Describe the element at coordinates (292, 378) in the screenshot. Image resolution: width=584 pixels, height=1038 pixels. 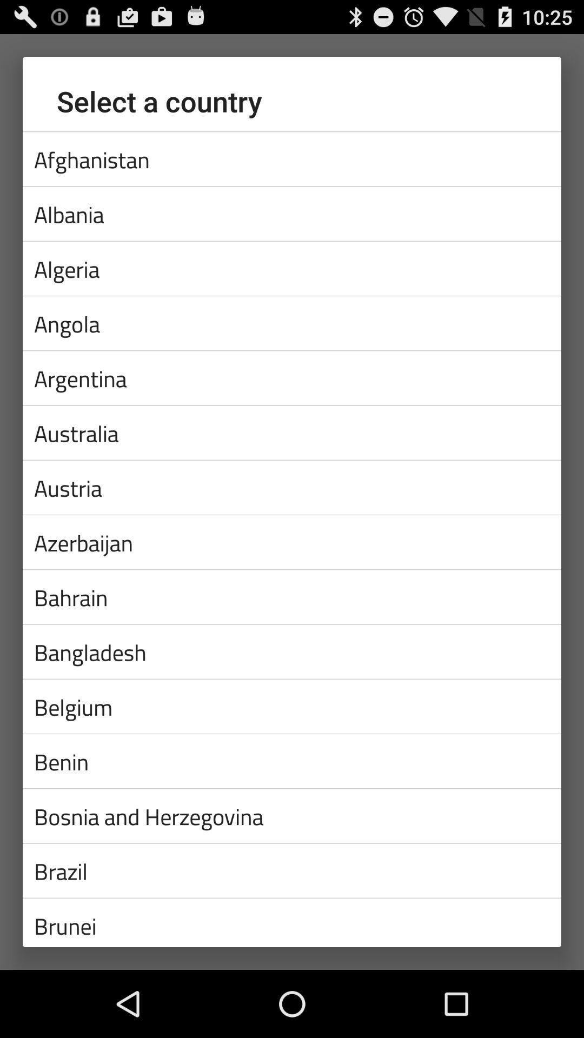
I see `the argentina` at that location.